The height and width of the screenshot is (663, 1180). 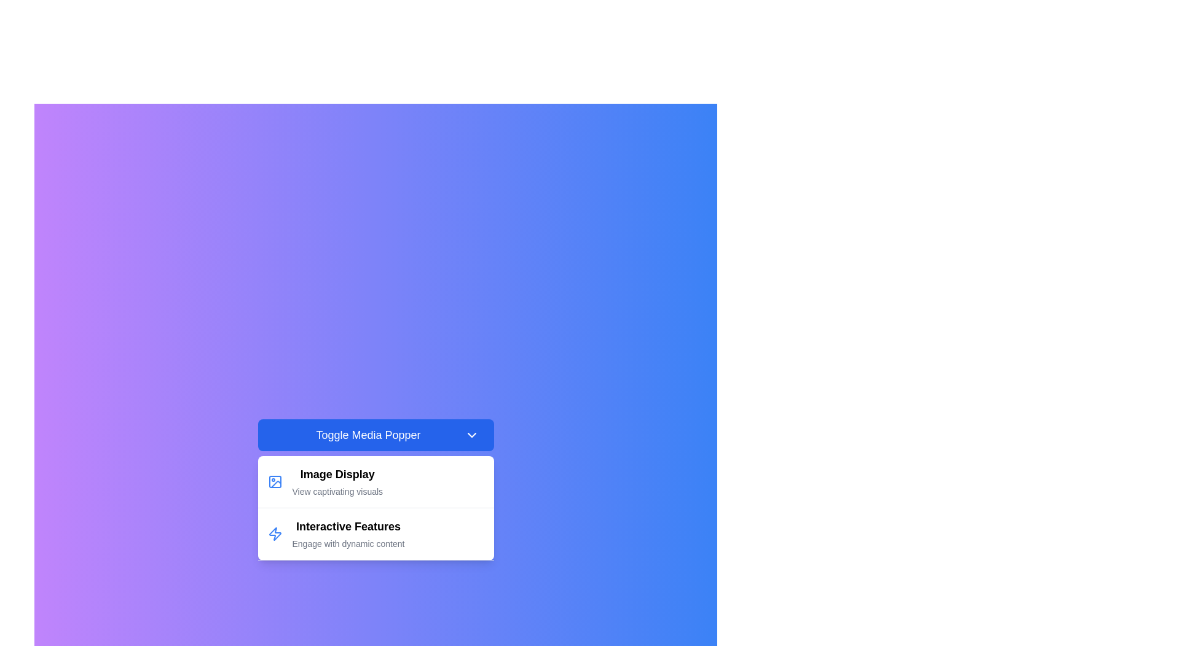 What do you see at coordinates (375, 508) in the screenshot?
I see `the dropdown menu item titled 'Interactive Features'` at bounding box center [375, 508].